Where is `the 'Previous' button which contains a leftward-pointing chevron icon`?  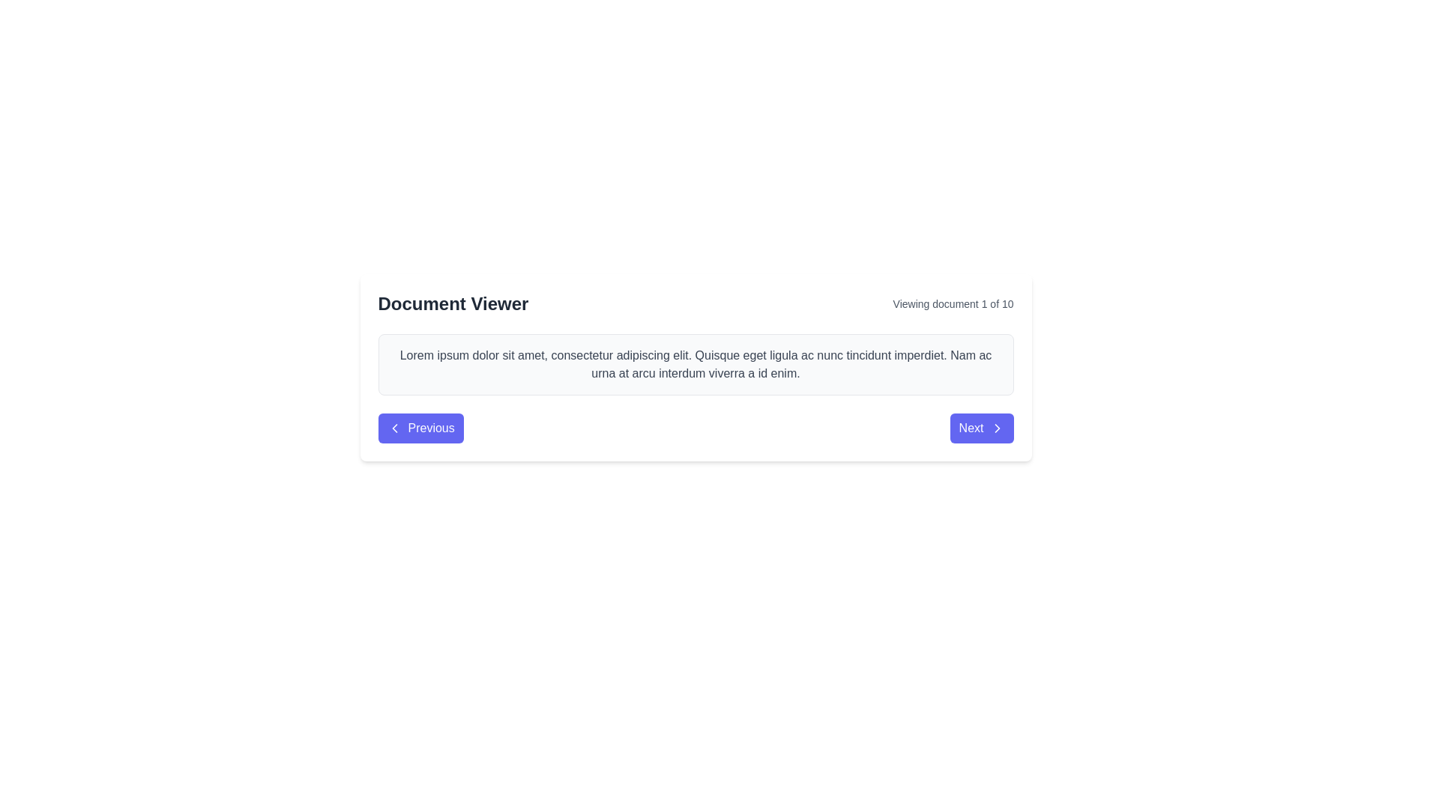
the 'Previous' button which contains a leftward-pointing chevron icon is located at coordinates (394, 428).